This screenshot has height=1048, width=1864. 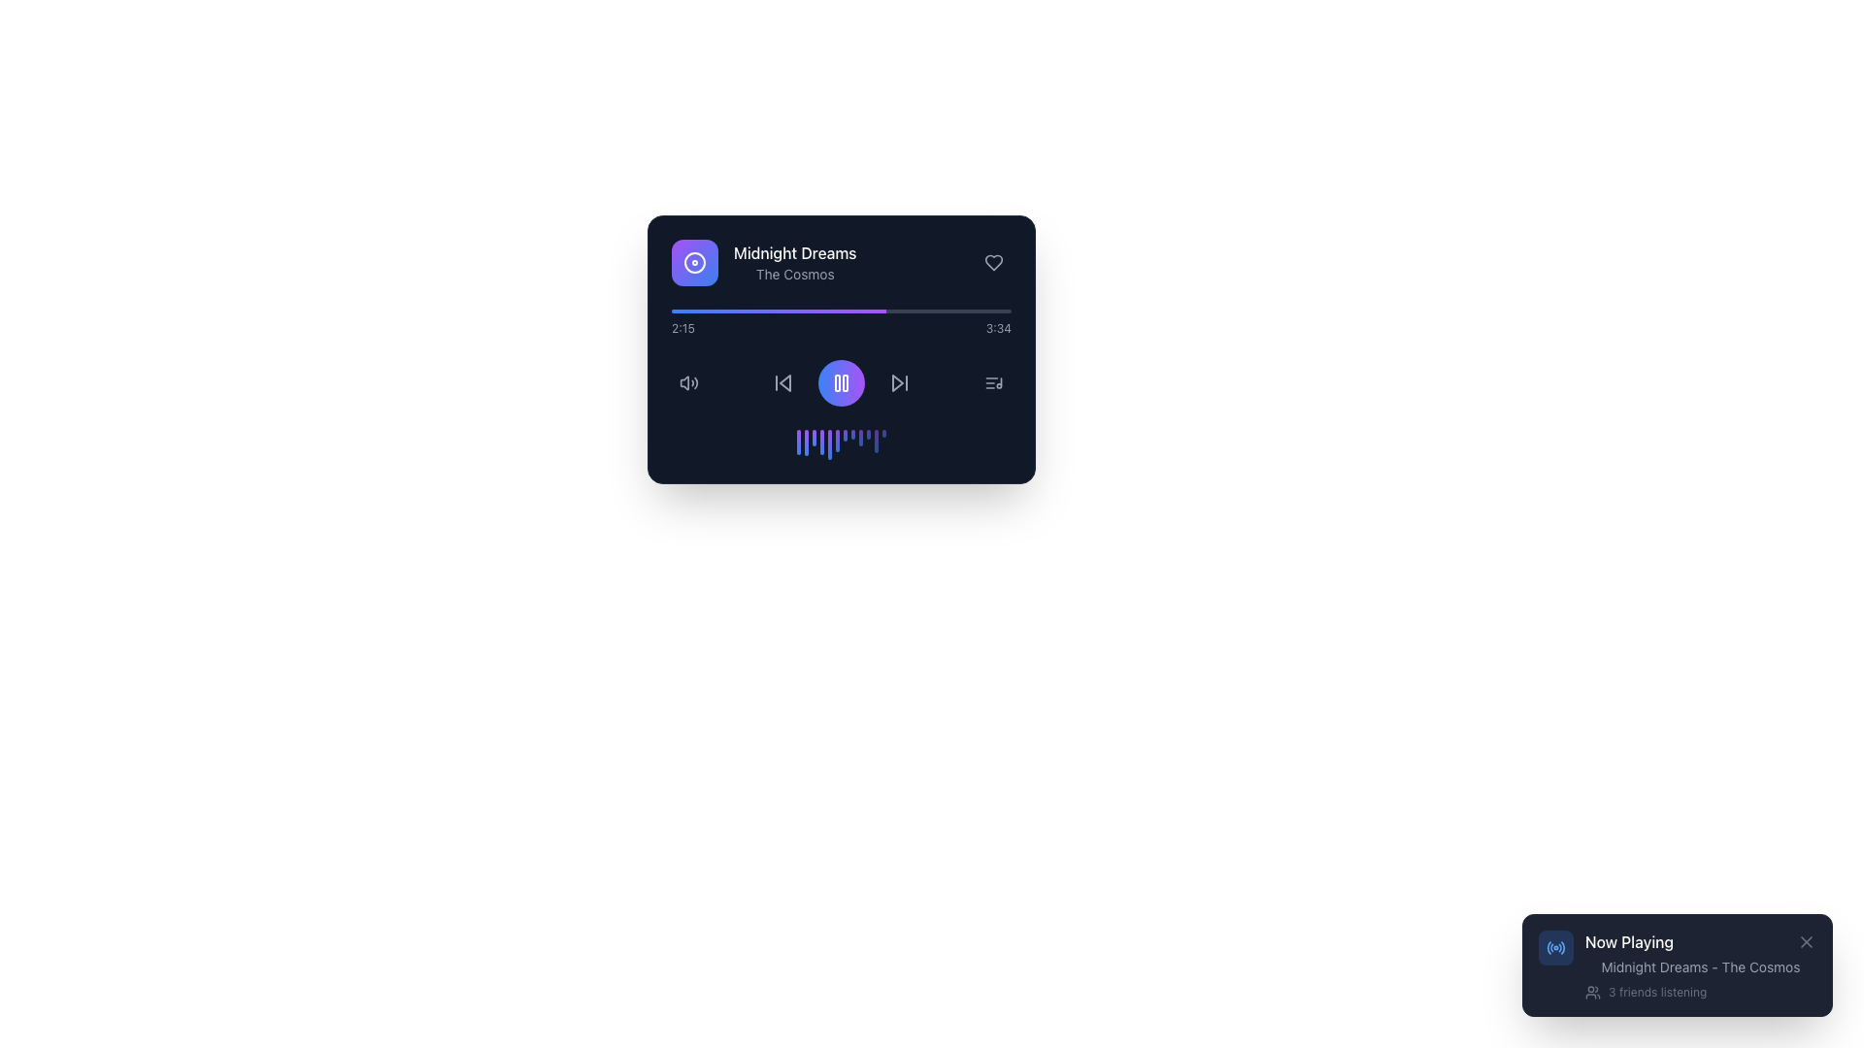 I want to click on the 'like' button located in the top right corner of the music player interface to mark 'Midnight Dreams - The Cosmos' as a favorite, so click(x=993, y=262).